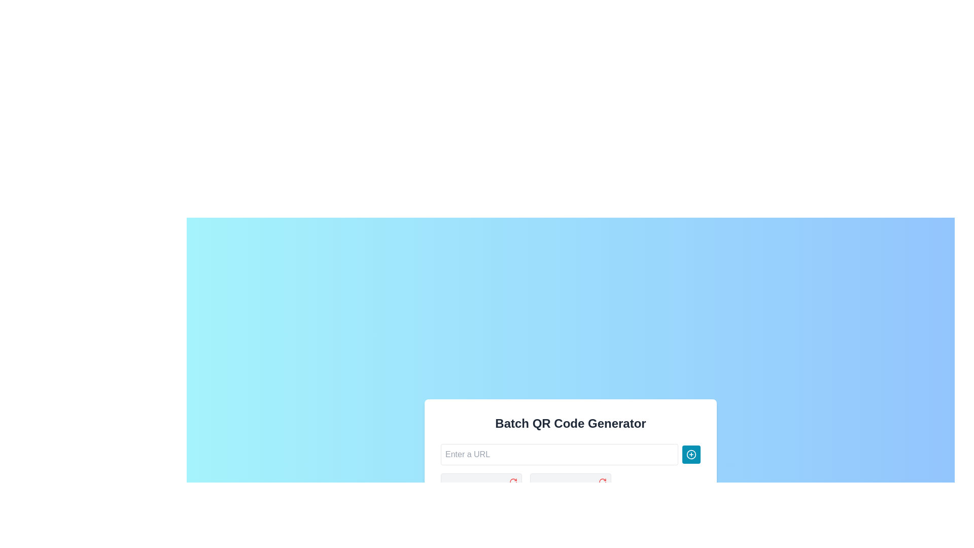 Image resolution: width=974 pixels, height=548 pixels. I want to click on the circular arrow icon located at the top-right corner of the text input field, which is the first icon in a two-icon set, so click(513, 481).